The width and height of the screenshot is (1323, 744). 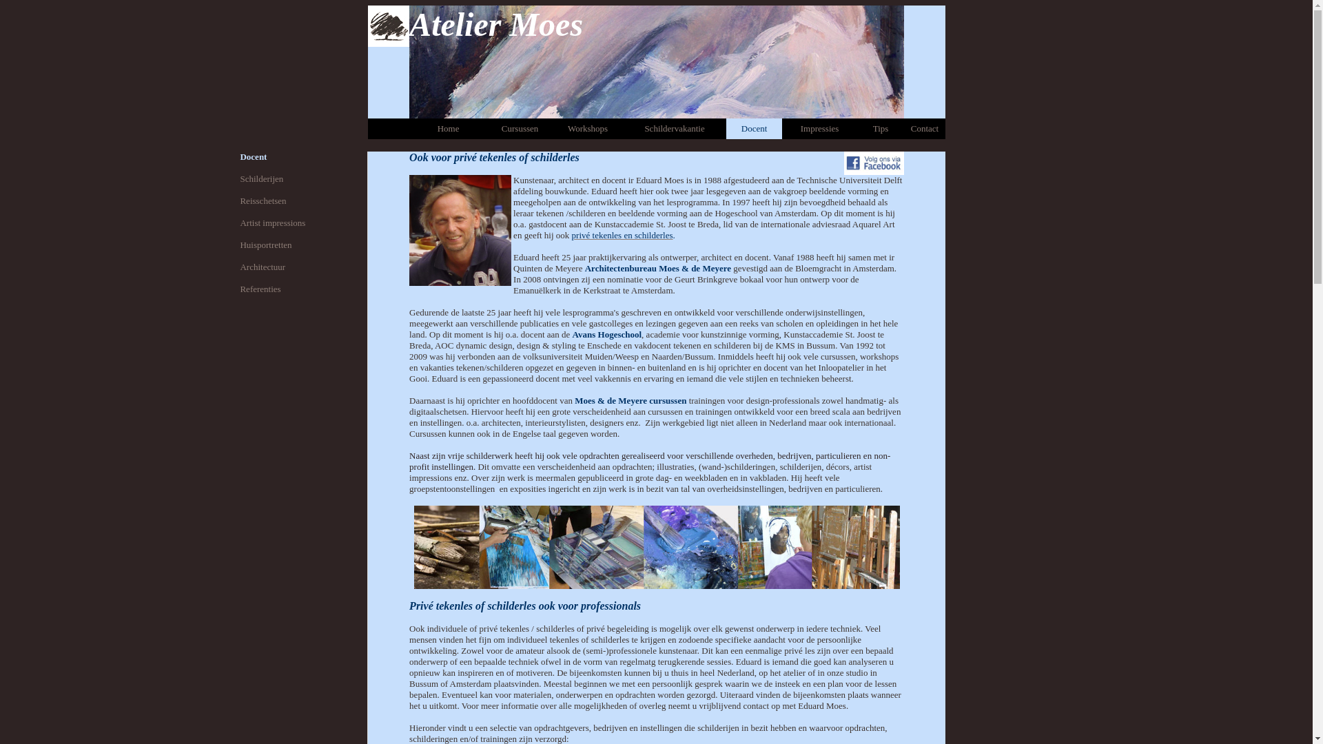 What do you see at coordinates (880, 127) in the screenshot?
I see `'Tips'` at bounding box center [880, 127].